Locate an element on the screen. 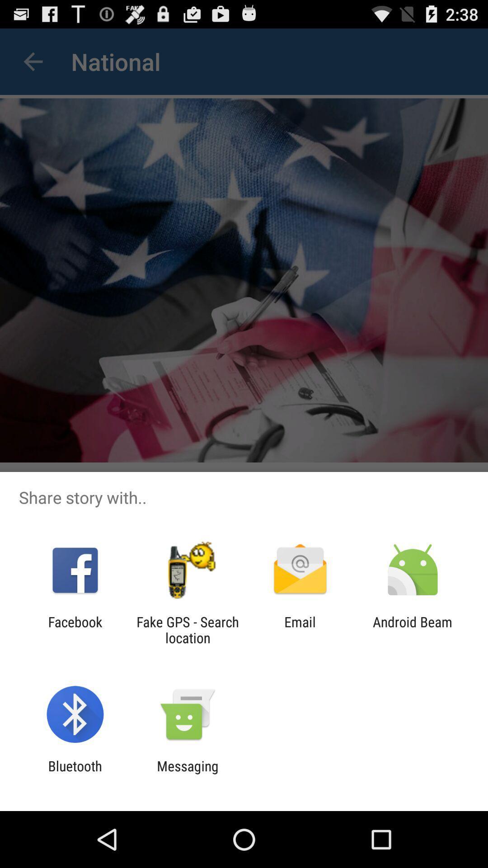 The width and height of the screenshot is (488, 868). item to the left of fake gps search item is located at coordinates (75, 629).